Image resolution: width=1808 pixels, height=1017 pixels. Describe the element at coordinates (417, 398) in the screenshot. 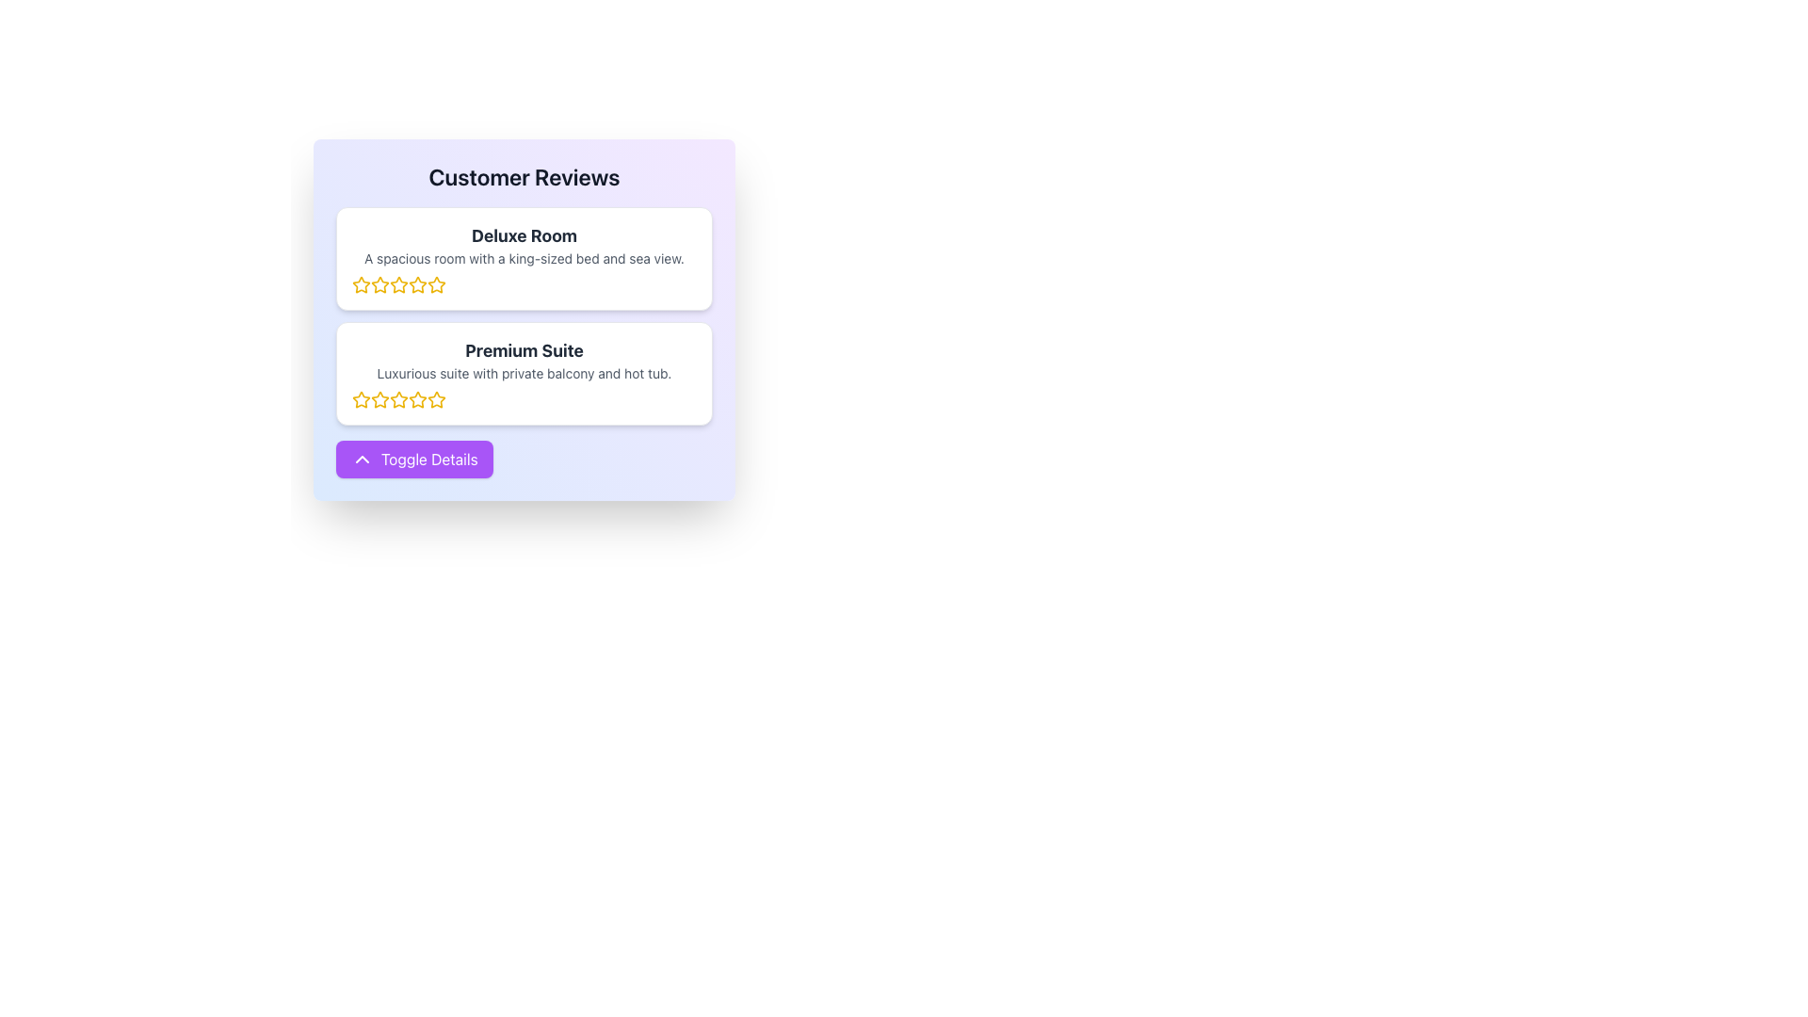

I see `the fourth star icon in the five-star rating system for the Premium Suite, which visually indicates a rating level` at that location.